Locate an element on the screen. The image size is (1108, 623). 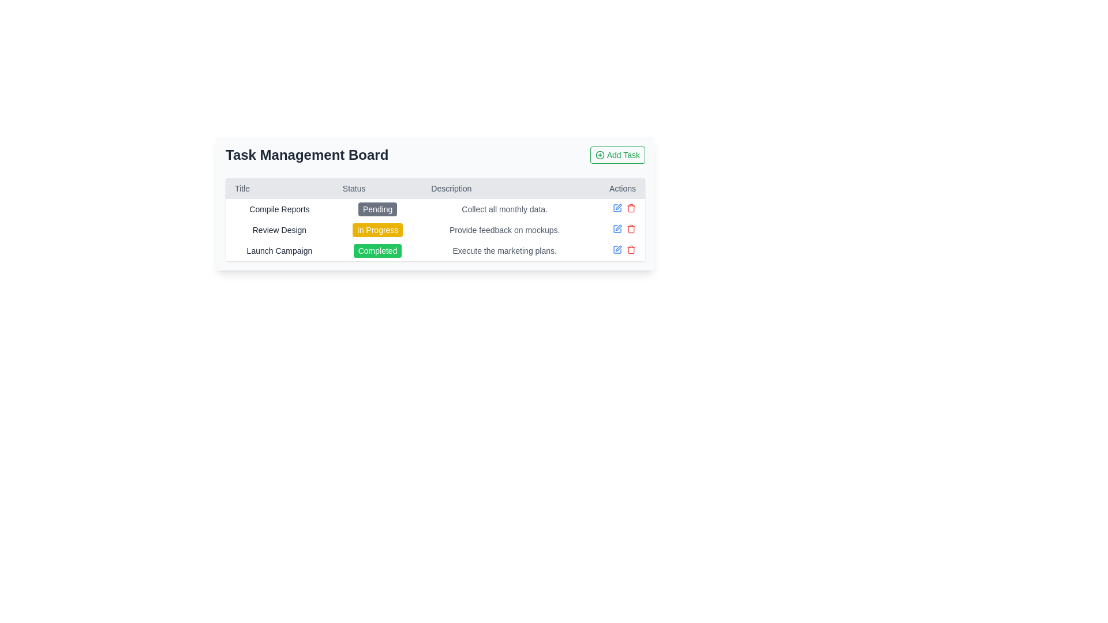
the small red trash icon button in the Actions column of the second row of the table corresponding to the task 'Review Design' is located at coordinates (631, 208).